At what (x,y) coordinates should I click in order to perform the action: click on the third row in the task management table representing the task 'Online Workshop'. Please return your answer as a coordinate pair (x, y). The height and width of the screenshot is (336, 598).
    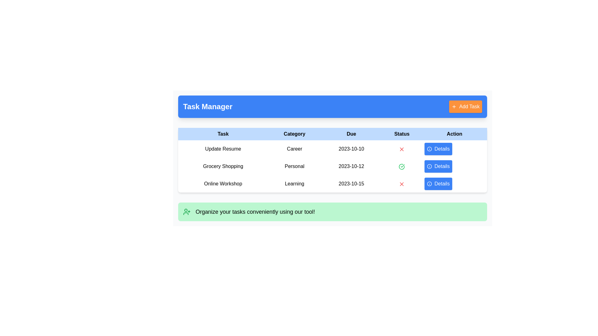
    Looking at the image, I should click on (332, 183).